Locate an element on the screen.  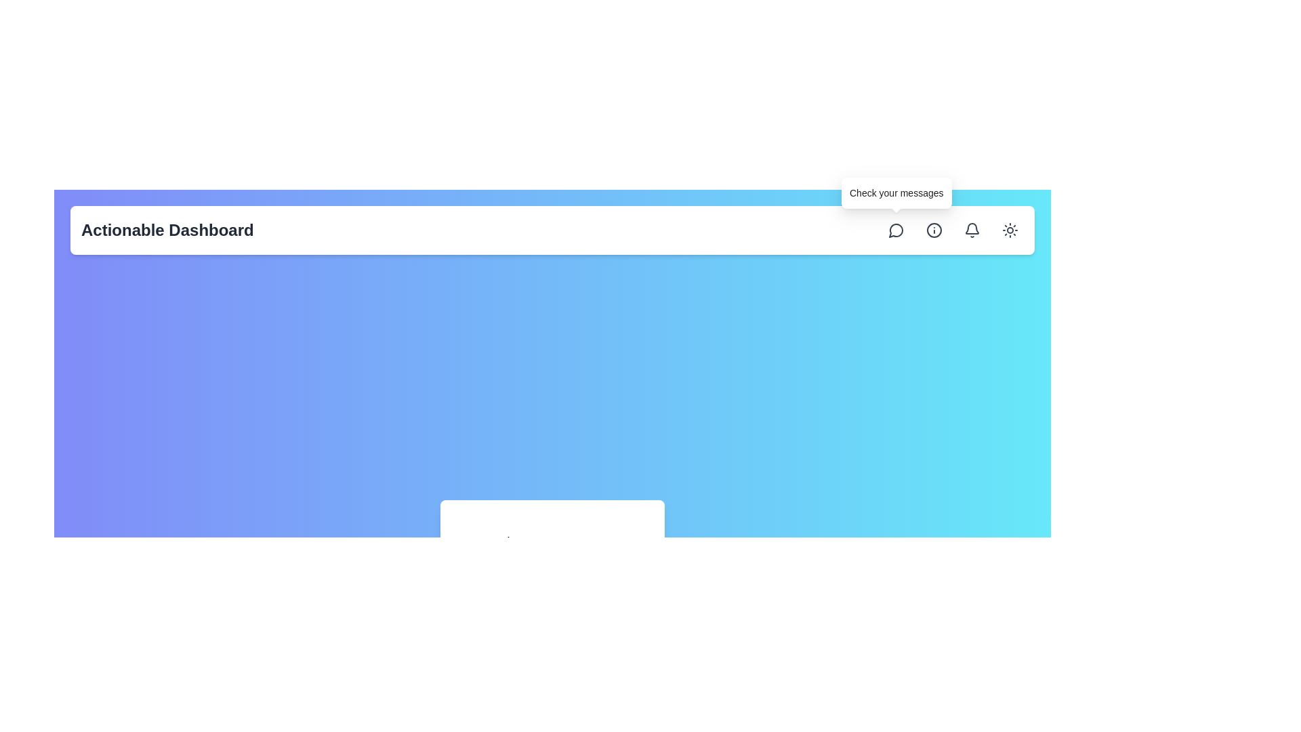
the light mode toggle icon located on the right side of the header, adjacent to the bell icon is located at coordinates (1010, 229).